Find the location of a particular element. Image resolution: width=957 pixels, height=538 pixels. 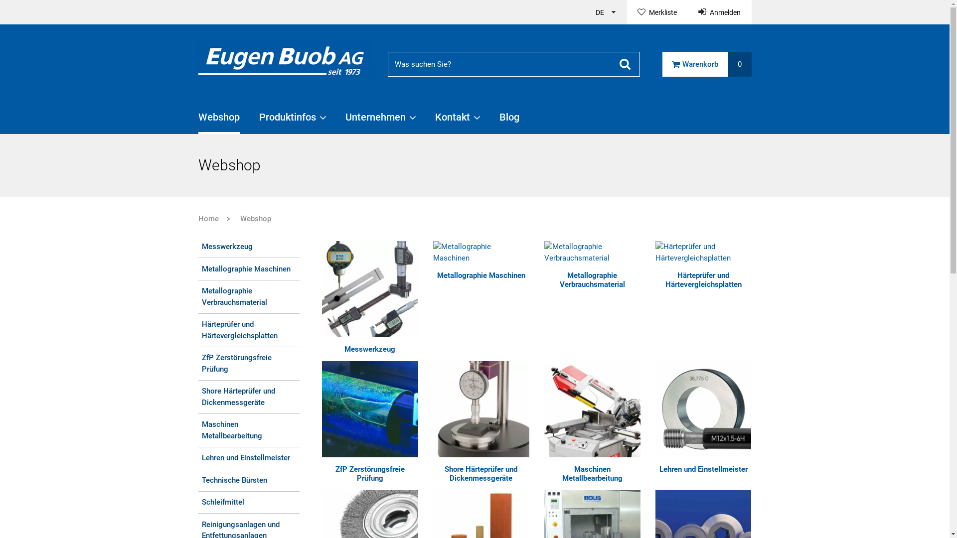

'Blog' is located at coordinates (509, 121).